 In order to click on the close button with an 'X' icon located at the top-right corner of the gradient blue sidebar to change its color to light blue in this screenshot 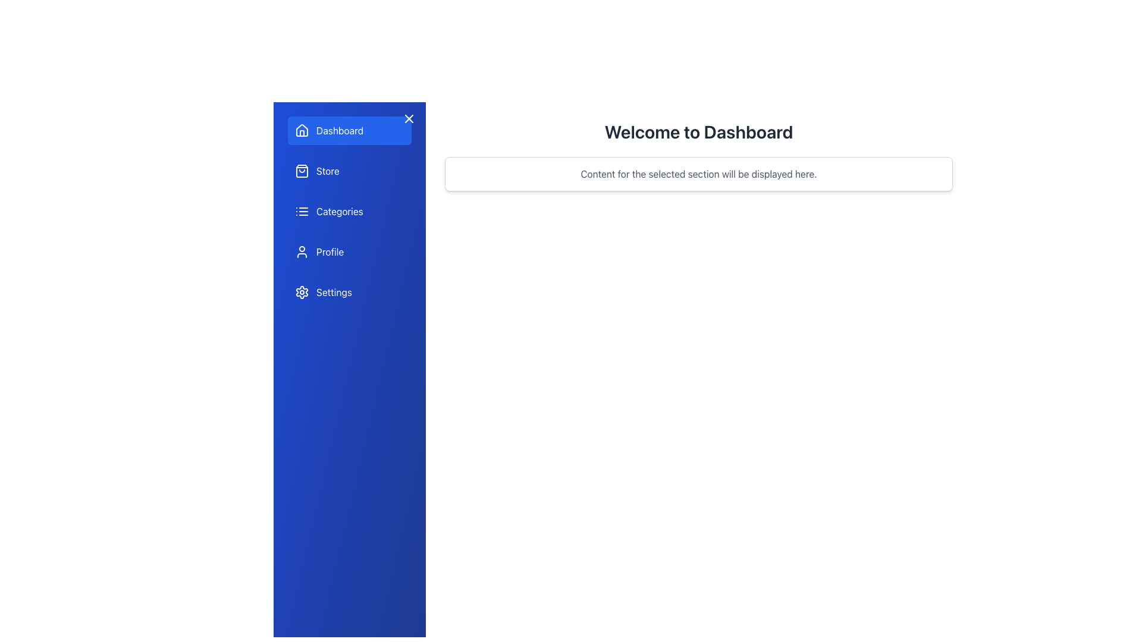, I will do `click(409, 119)`.